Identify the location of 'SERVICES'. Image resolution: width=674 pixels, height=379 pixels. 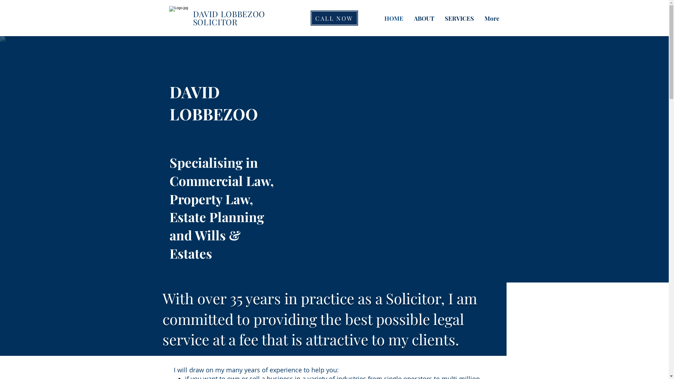
(459, 18).